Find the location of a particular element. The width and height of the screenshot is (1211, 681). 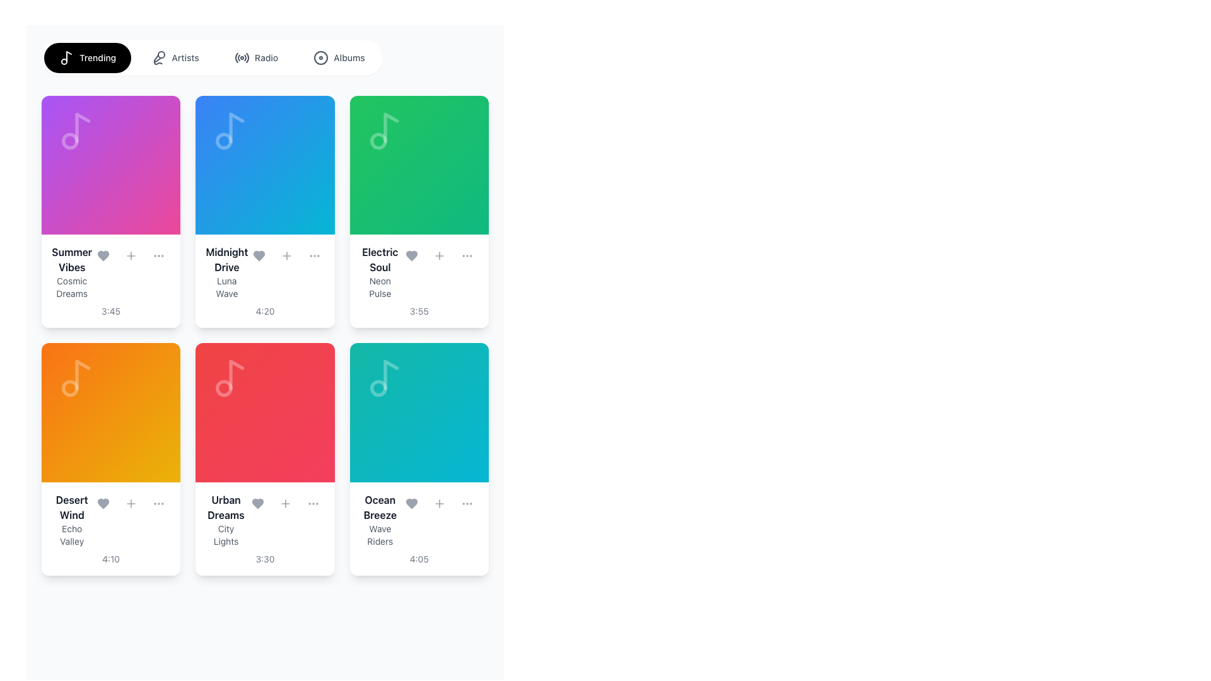

the circular '+' button located at the bottom-right corner of the 'Ocean Breeze' card in the grid layout is located at coordinates (439, 503).